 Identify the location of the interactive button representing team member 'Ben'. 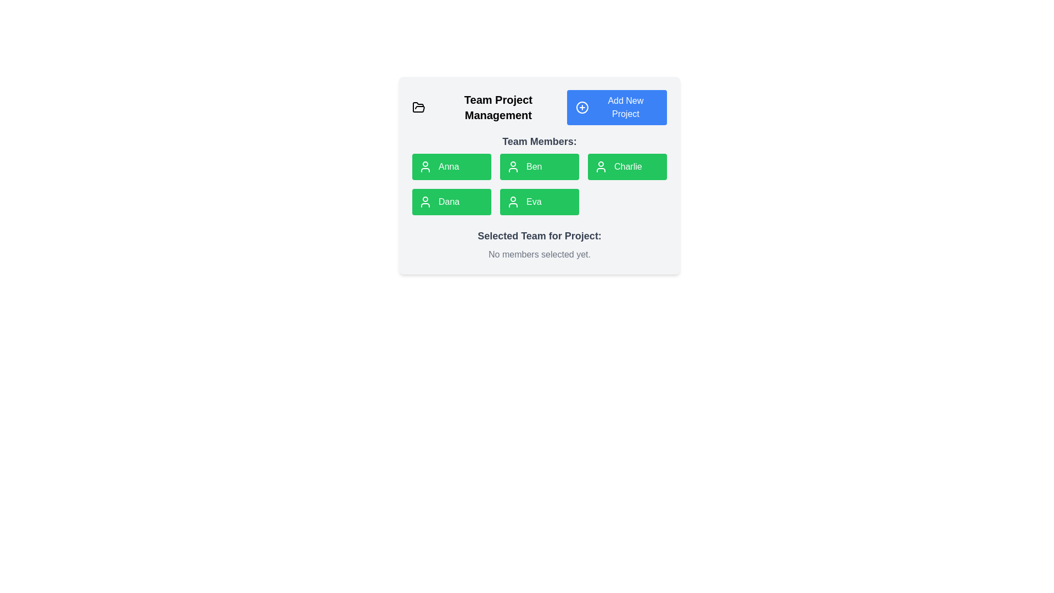
(540, 174).